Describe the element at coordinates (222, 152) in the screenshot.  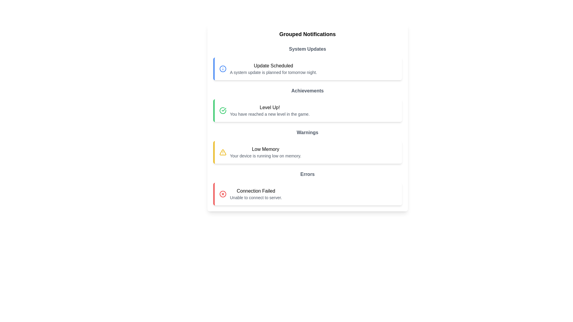
I see `the triangular warning icon with a yellow border and centered exclamation mark, indicating warnings, located to the left of the 'Low Memory' text in the 'Warnings' section` at that location.